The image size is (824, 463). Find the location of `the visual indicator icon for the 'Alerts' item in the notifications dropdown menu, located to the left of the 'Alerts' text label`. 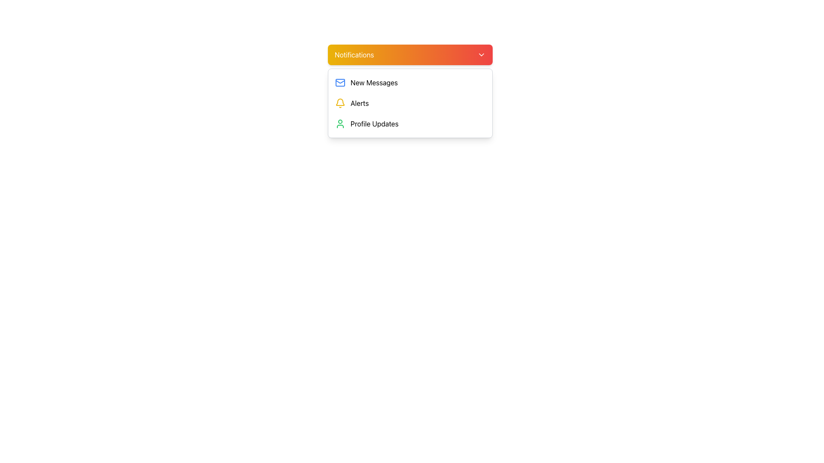

the visual indicator icon for the 'Alerts' item in the notifications dropdown menu, located to the left of the 'Alerts' text label is located at coordinates (339, 102).